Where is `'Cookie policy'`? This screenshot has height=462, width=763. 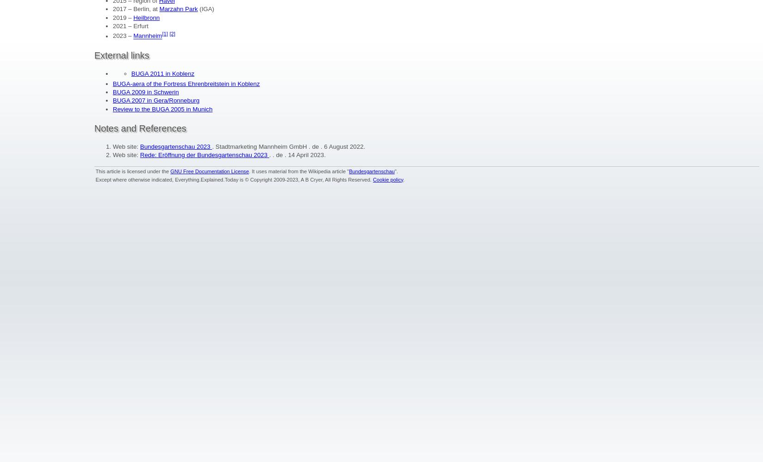
'Cookie policy' is located at coordinates (388, 179).